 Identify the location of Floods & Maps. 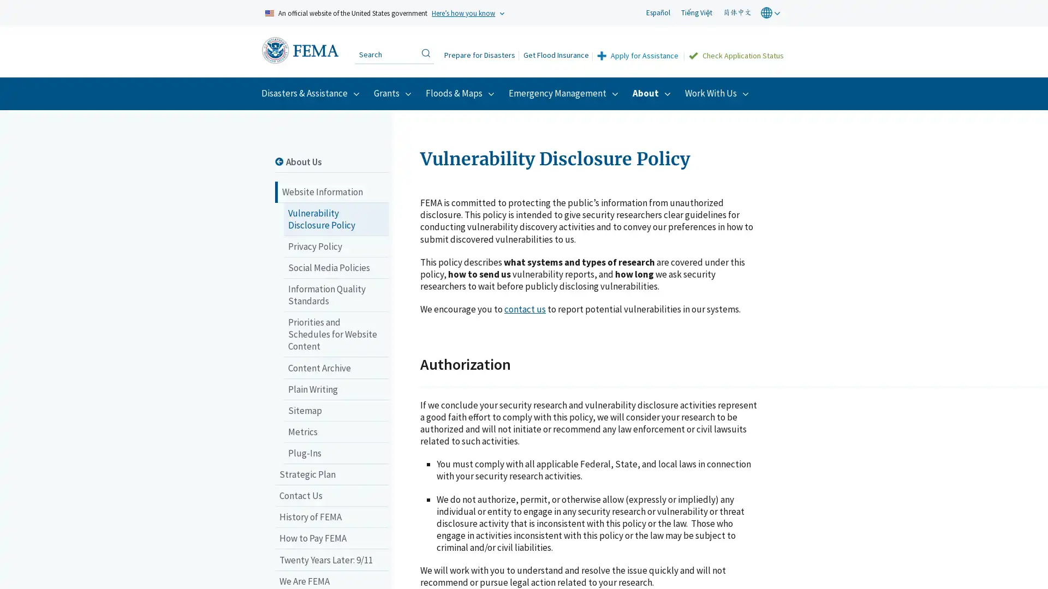
(461, 92).